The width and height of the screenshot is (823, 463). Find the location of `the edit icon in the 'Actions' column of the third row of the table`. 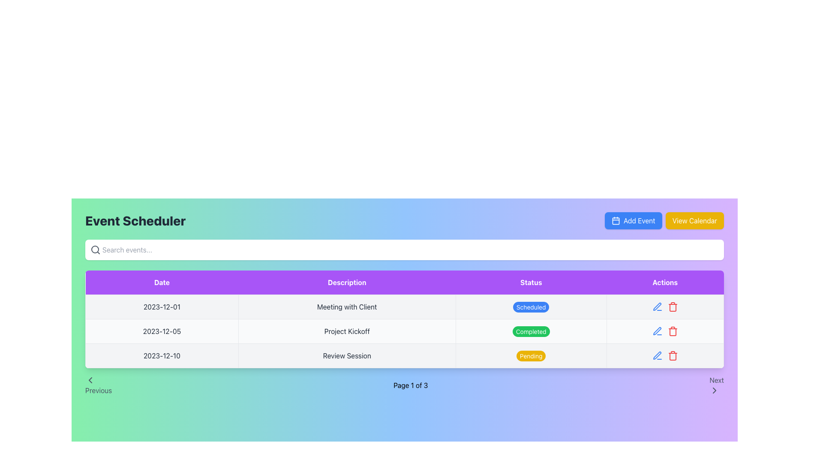

the edit icon in the 'Actions' column of the third row of the table is located at coordinates (657, 307).